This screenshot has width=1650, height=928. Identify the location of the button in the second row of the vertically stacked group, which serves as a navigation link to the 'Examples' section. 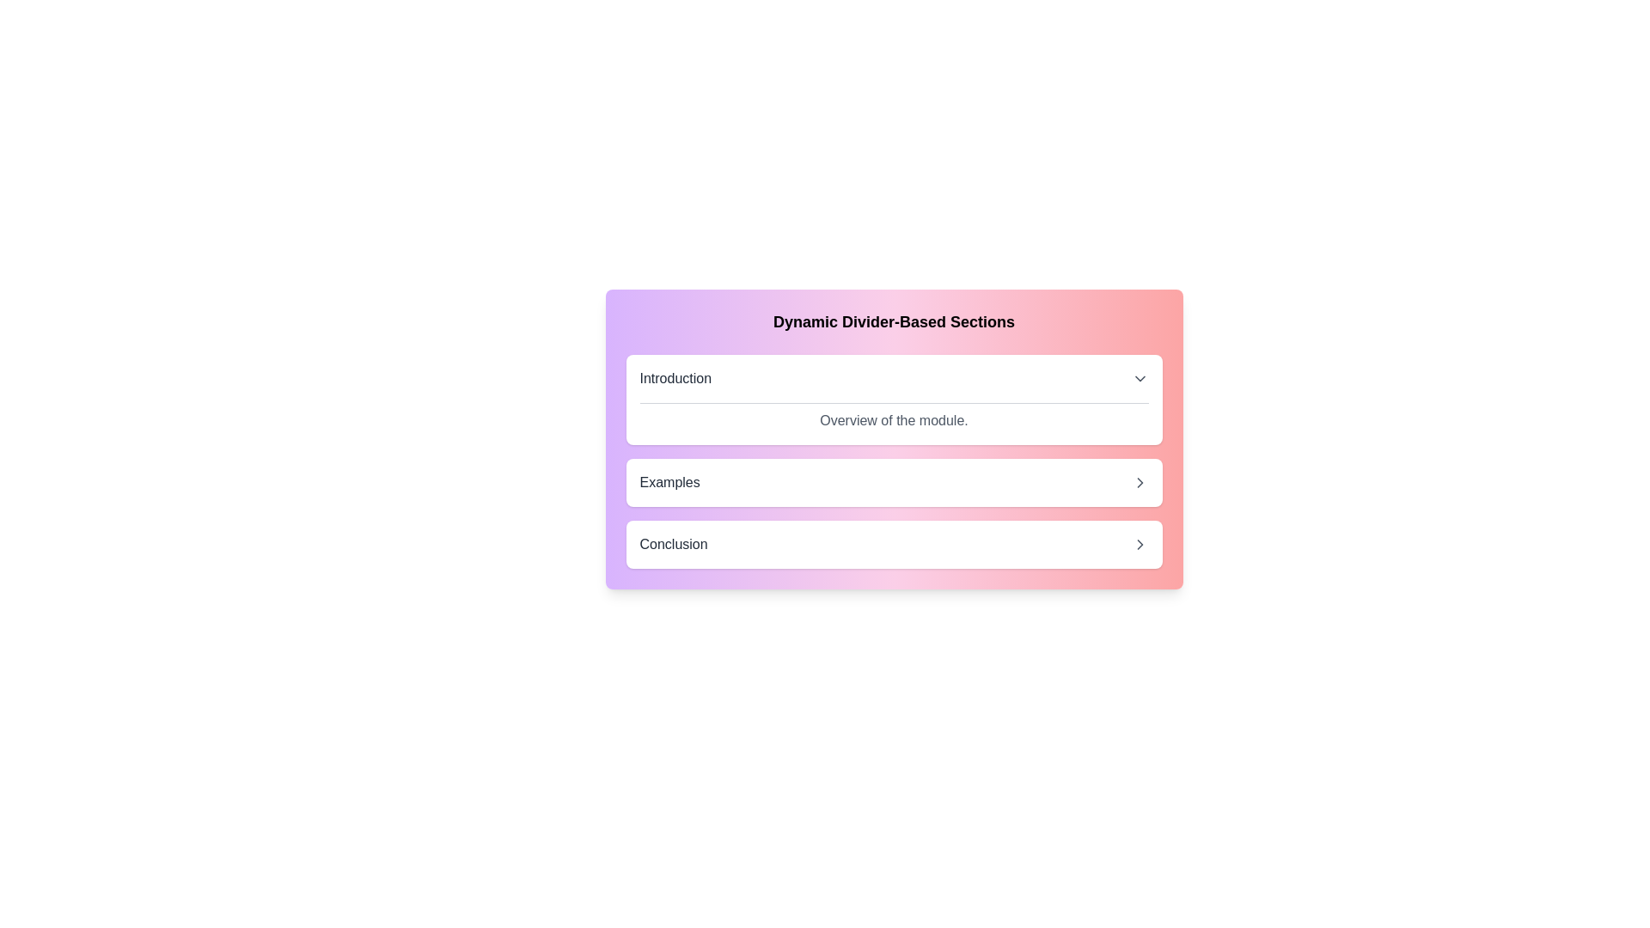
(894, 483).